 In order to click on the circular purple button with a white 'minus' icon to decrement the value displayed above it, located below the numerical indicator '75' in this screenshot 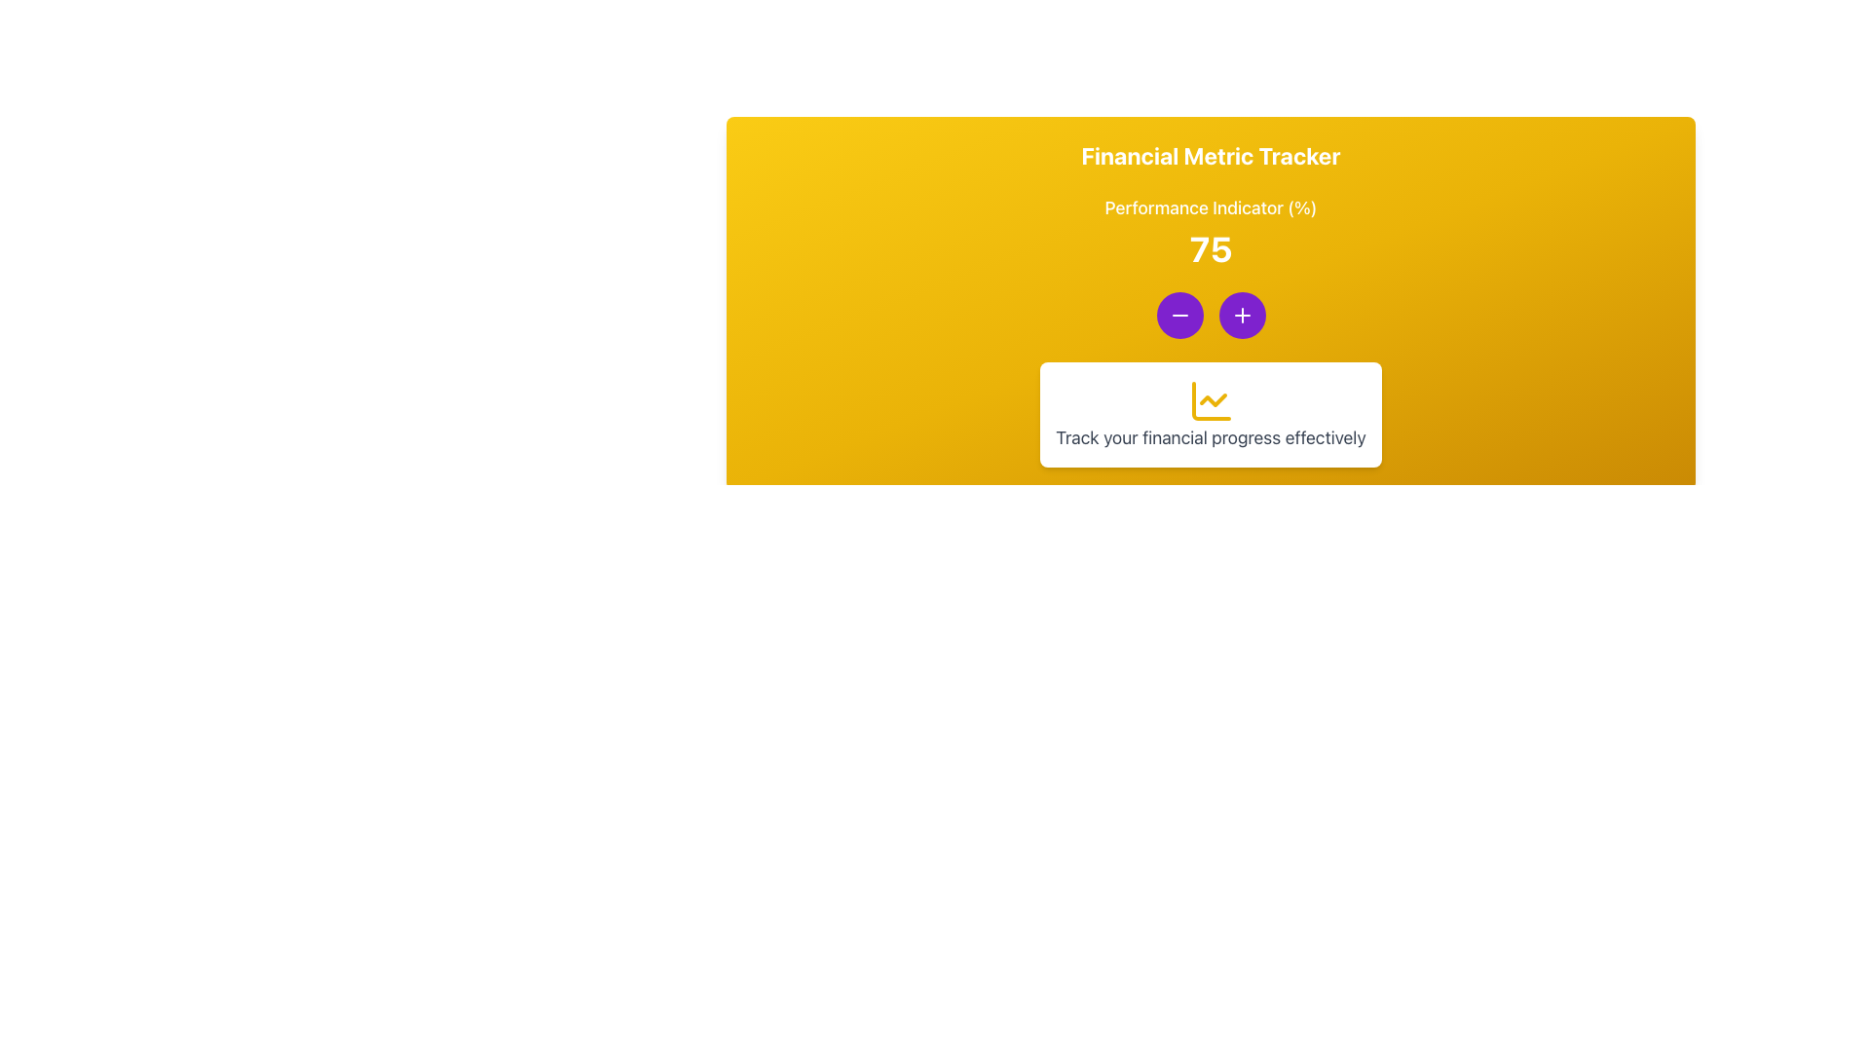, I will do `click(1178, 315)`.